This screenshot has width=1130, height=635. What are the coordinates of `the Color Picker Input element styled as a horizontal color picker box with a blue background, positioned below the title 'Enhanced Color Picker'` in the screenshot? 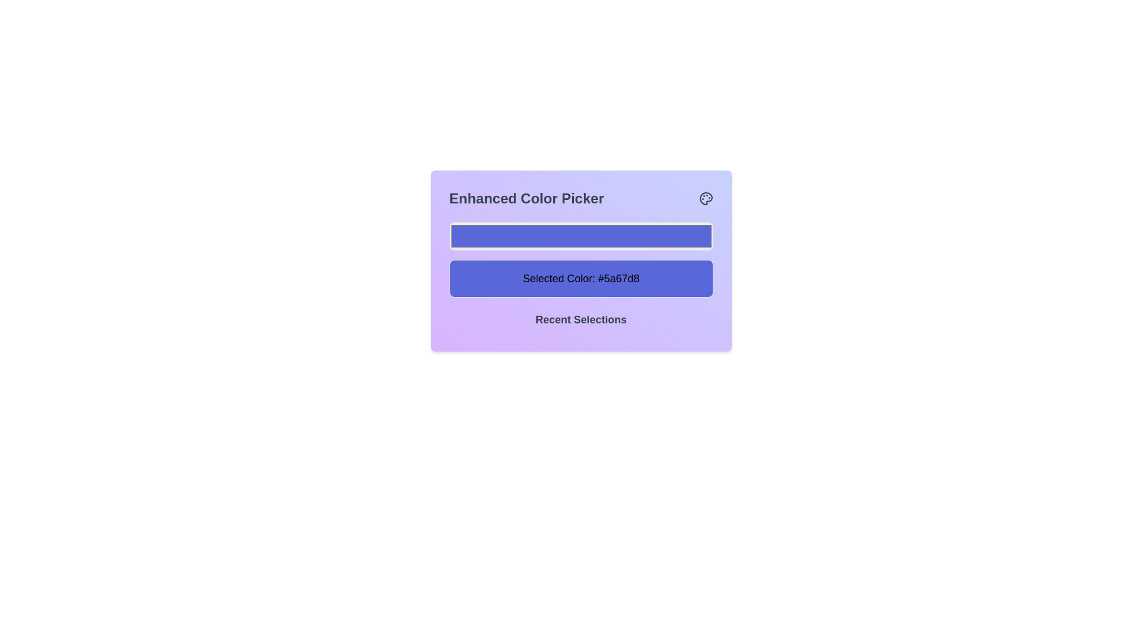 It's located at (581, 236).